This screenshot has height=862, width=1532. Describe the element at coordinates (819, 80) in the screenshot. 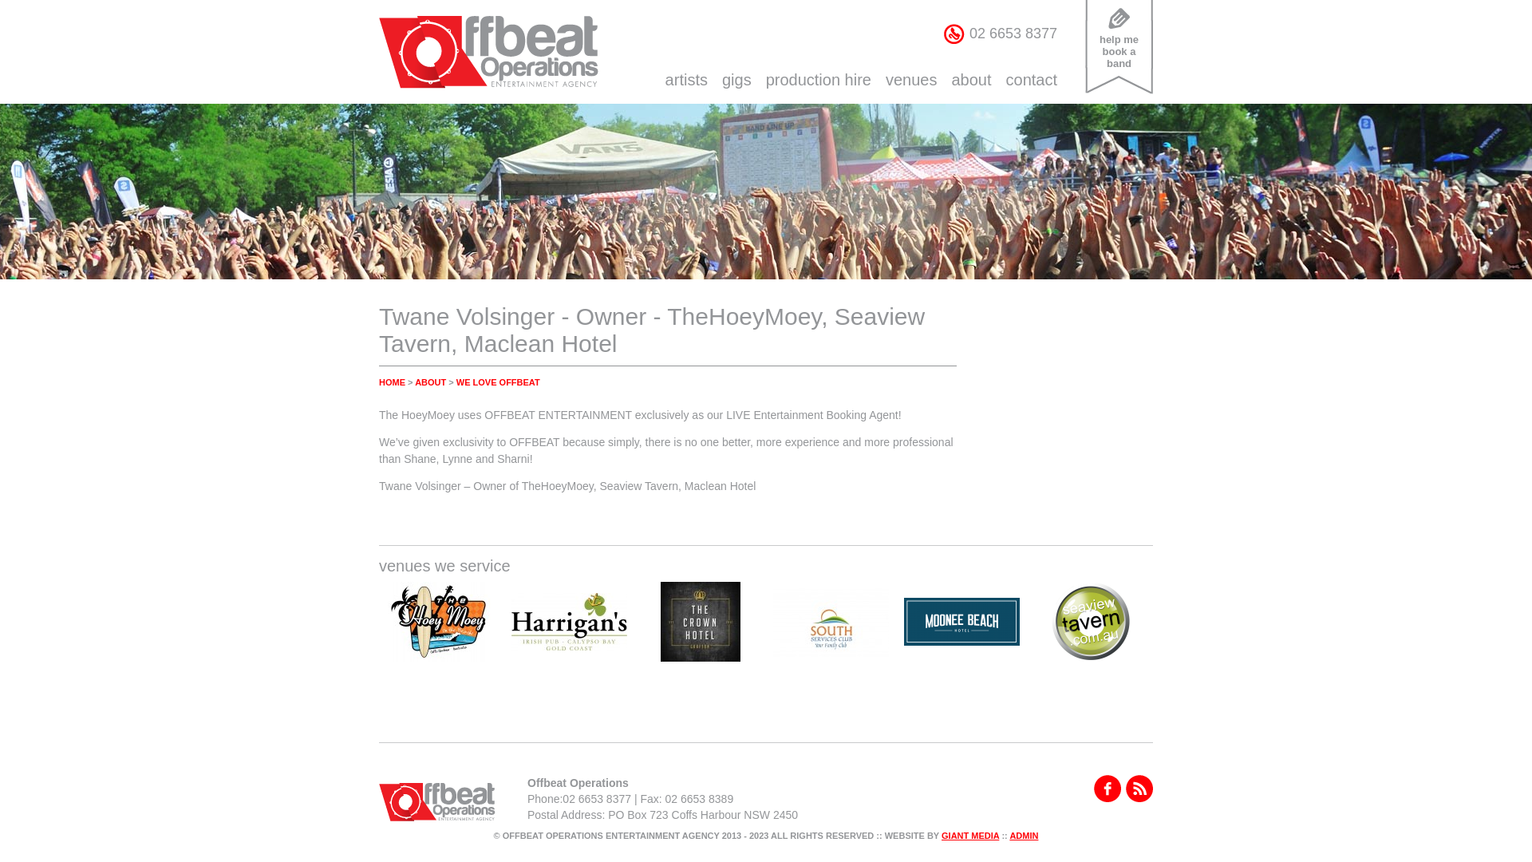

I see `'production hire'` at that location.